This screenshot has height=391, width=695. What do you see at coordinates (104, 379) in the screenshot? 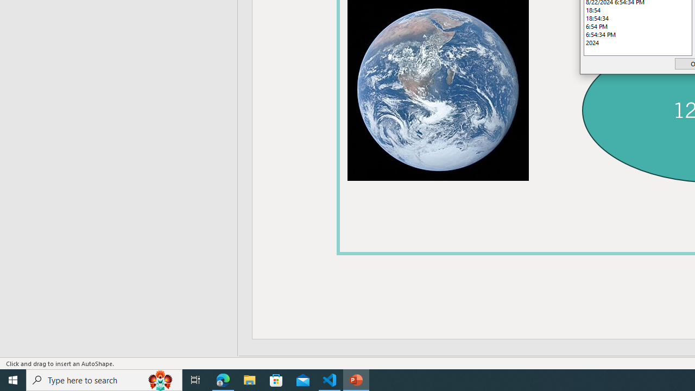
I see `'Type here to search'` at bounding box center [104, 379].